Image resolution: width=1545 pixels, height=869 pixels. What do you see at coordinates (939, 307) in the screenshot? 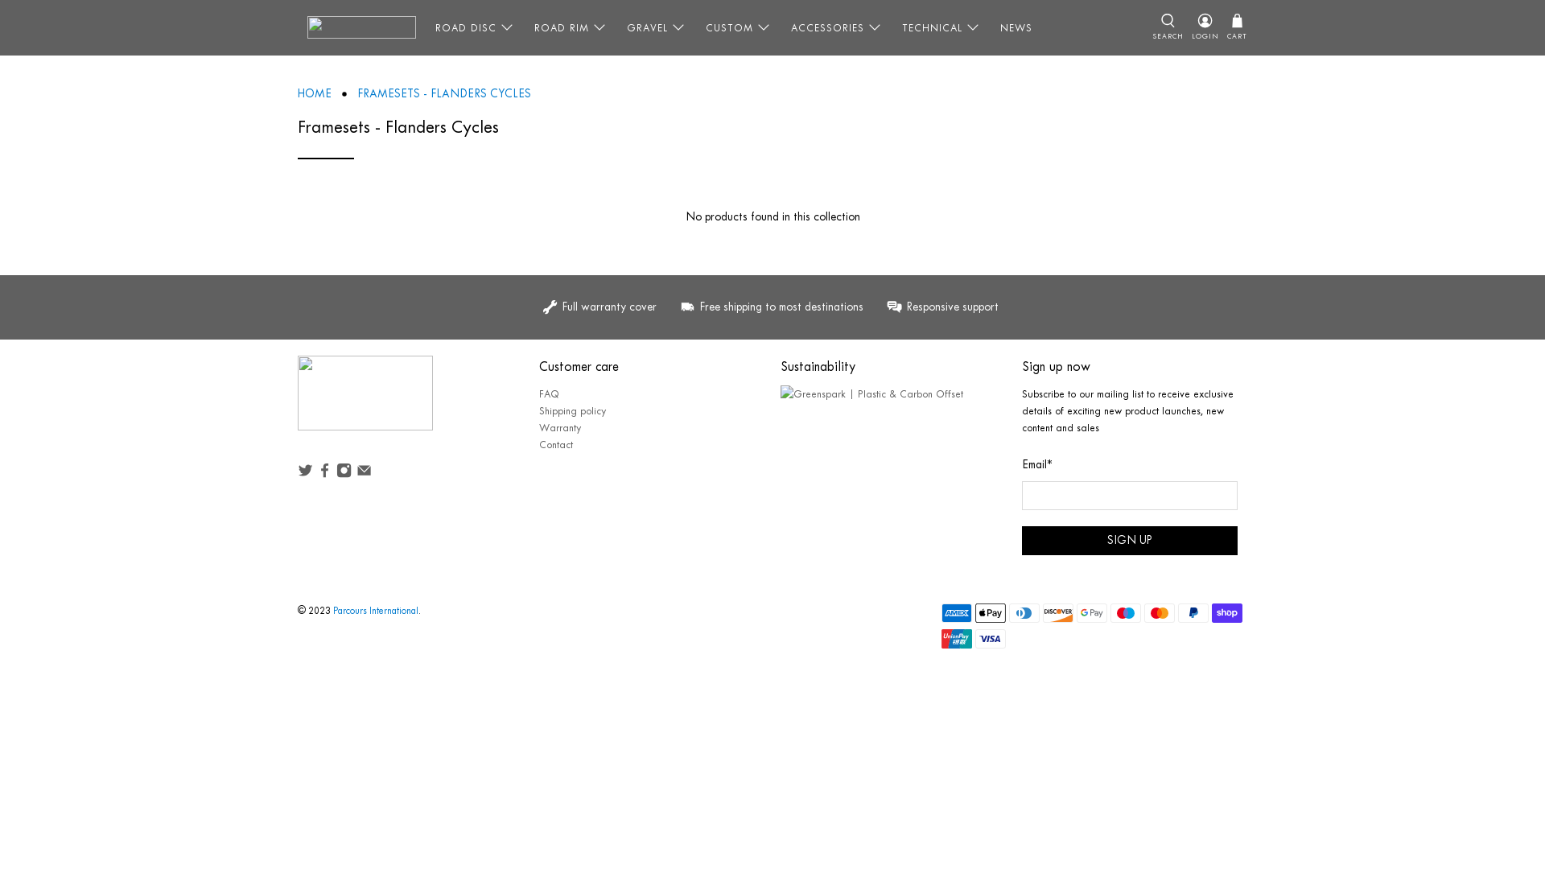
I see `'Responsive support'` at bounding box center [939, 307].